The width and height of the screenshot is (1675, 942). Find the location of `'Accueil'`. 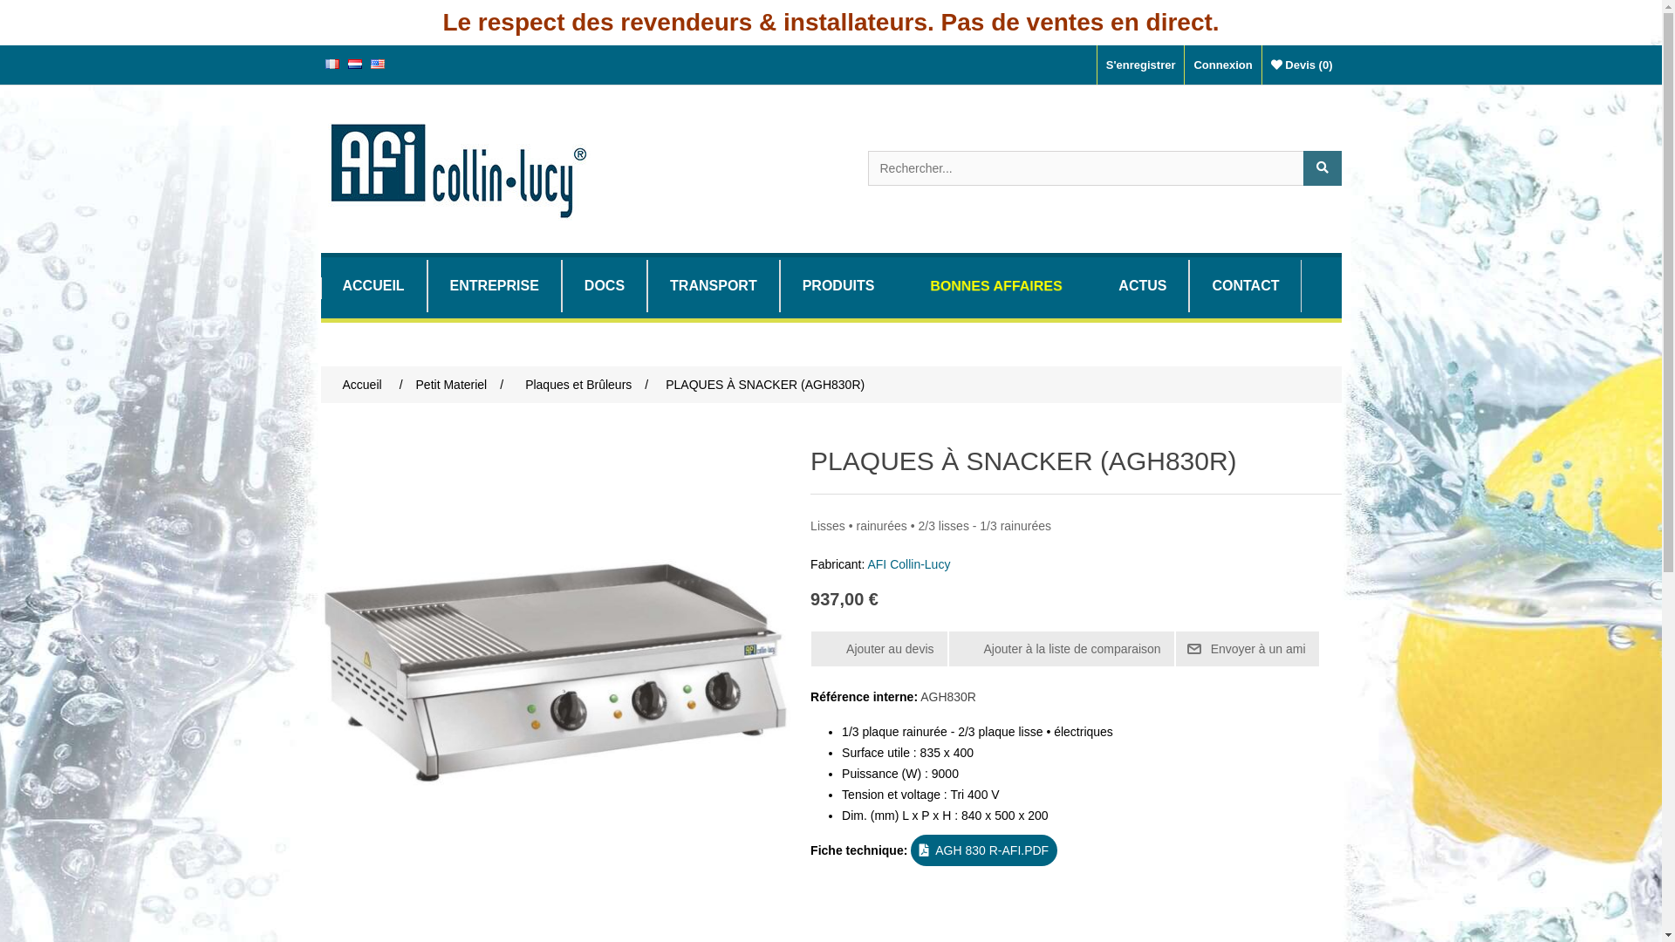

'Accueil' is located at coordinates (361, 383).